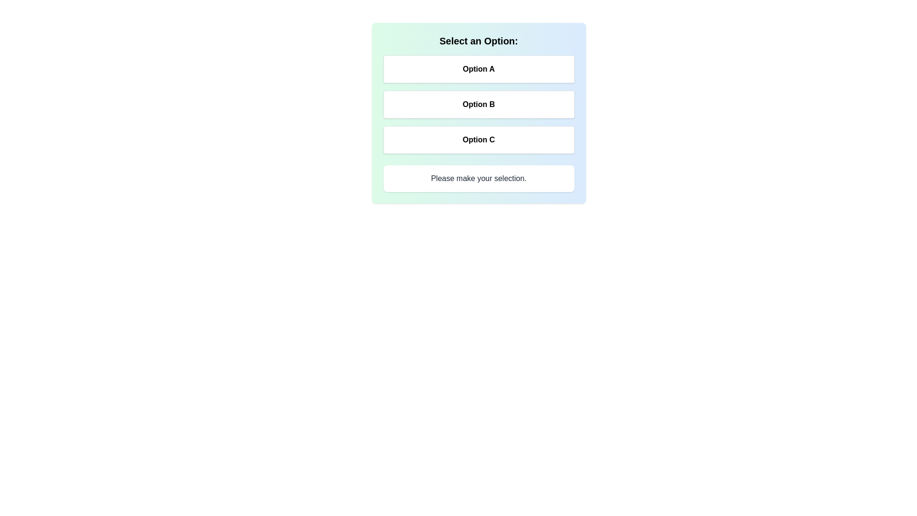 This screenshot has width=917, height=516. I want to click on the button labeled 'Option A', which is the first selectable option among three vertically aligned options under the heading 'Select an Option:', so click(479, 69).